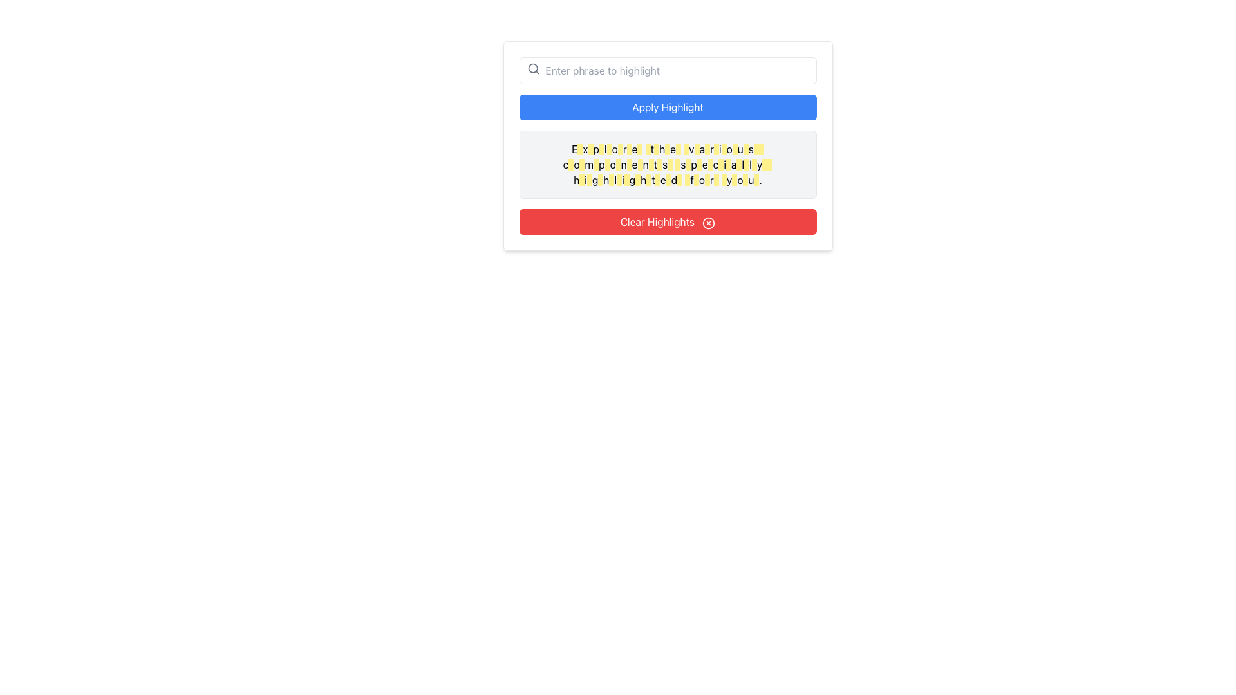 The height and width of the screenshot is (695, 1236). What do you see at coordinates (618, 163) in the screenshot?
I see `the fifth inline yellow-highlighted segment in the text section titled 'Explore the various components specially highlighted for you.'` at bounding box center [618, 163].